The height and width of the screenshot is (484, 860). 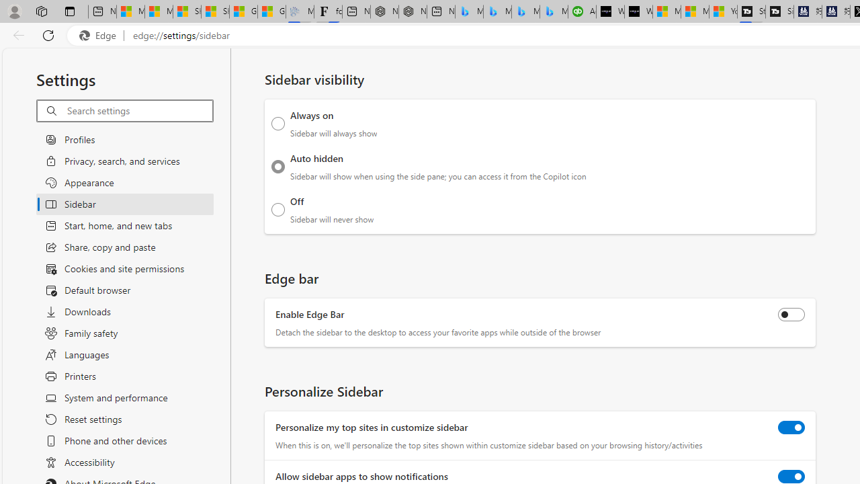 What do you see at coordinates (554, 11) in the screenshot?
I see `'Microsoft Bing Travel - Shangri-La Hotel Bangkok'` at bounding box center [554, 11].